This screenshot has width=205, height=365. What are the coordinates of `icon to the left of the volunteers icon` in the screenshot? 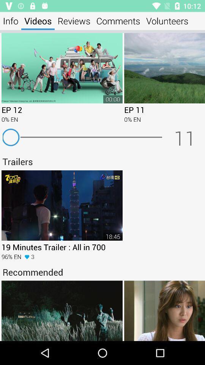 It's located at (118, 21).